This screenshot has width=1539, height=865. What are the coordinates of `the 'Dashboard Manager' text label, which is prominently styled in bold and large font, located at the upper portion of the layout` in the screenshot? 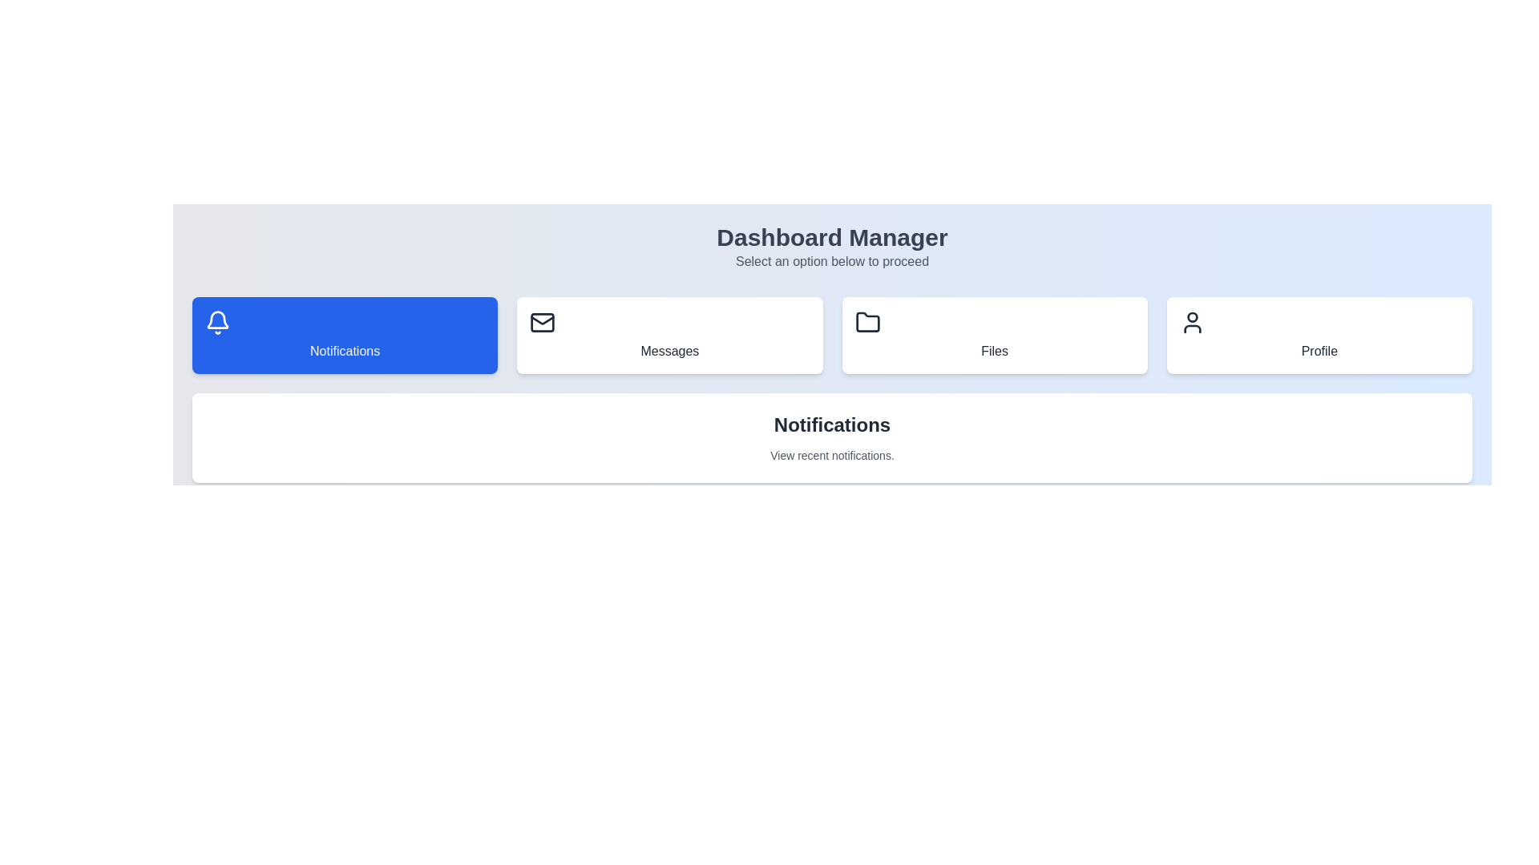 It's located at (832, 238).